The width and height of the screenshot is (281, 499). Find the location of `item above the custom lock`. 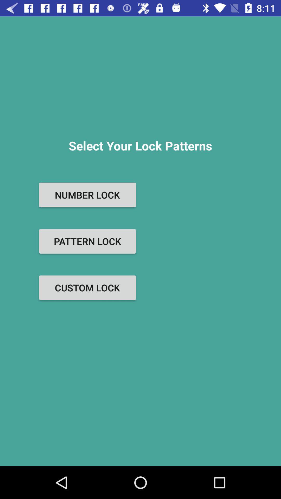

item above the custom lock is located at coordinates (87, 241).